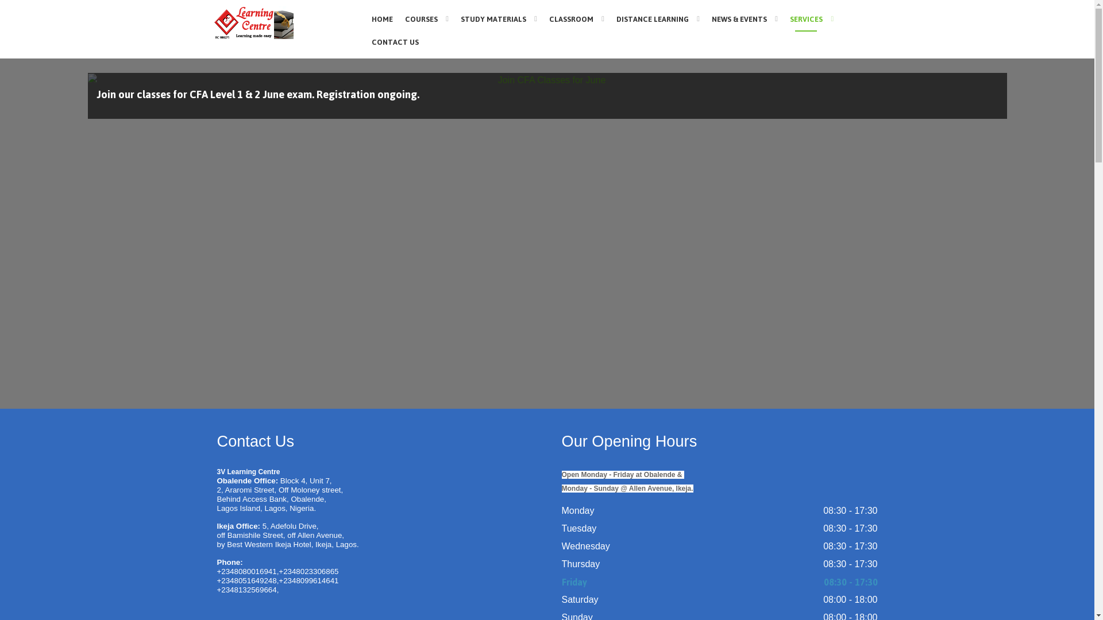 This screenshot has height=620, width=1103. Describe the element at coordinates (658, 18) in the screenshot. I see `'DISTANCE LEARNING'` at that location.